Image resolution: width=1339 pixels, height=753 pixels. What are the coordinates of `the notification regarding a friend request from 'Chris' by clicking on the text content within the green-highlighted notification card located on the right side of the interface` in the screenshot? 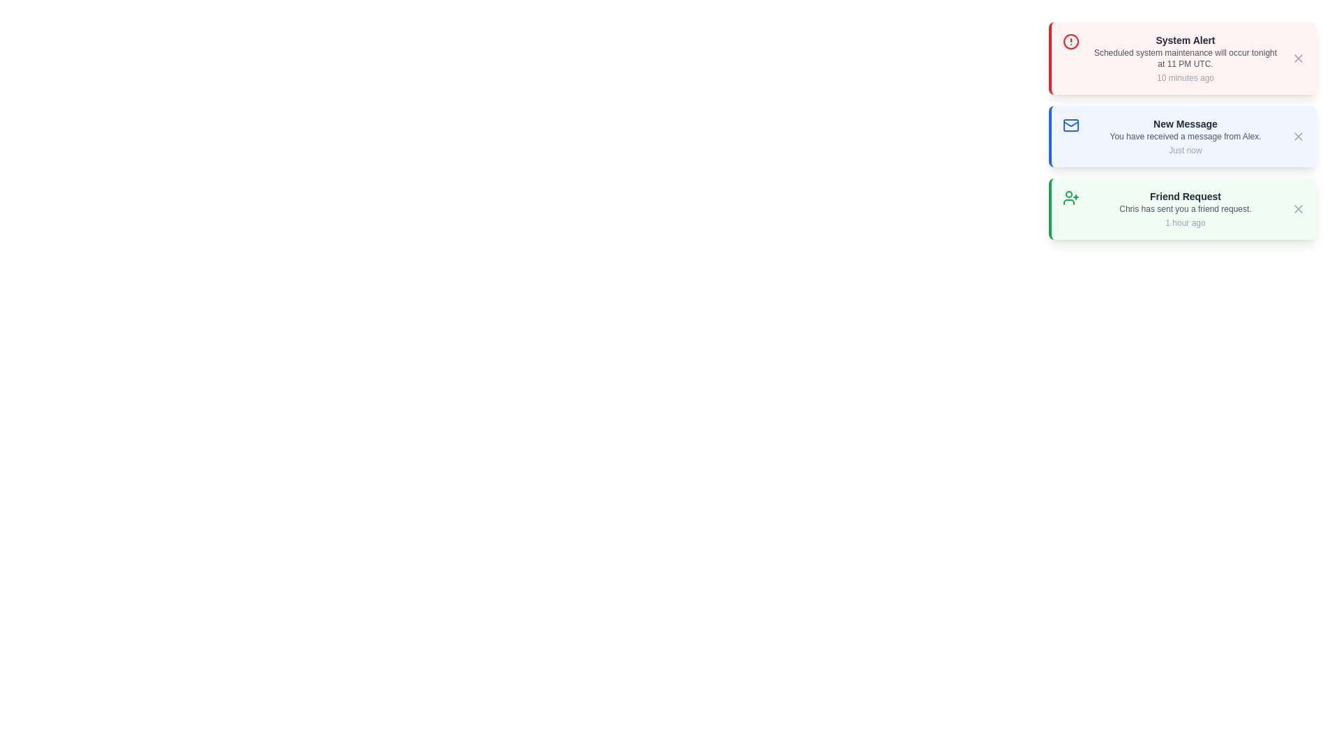 It's located at (1184, 209).